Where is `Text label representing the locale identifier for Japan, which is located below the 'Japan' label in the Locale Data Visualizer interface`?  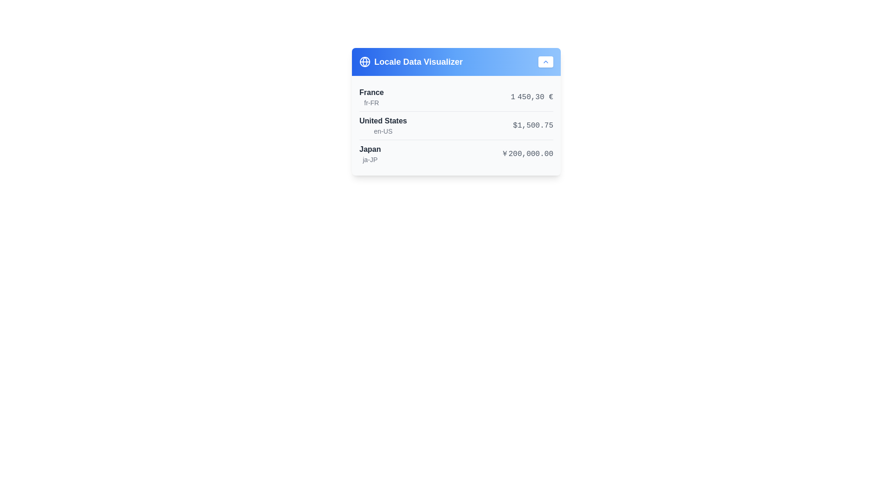
Text label representing the locale identifier for Japan, which is located below the 'Japan' label in the Locale Data Visualizer interface is located at coordinates (370, 159).